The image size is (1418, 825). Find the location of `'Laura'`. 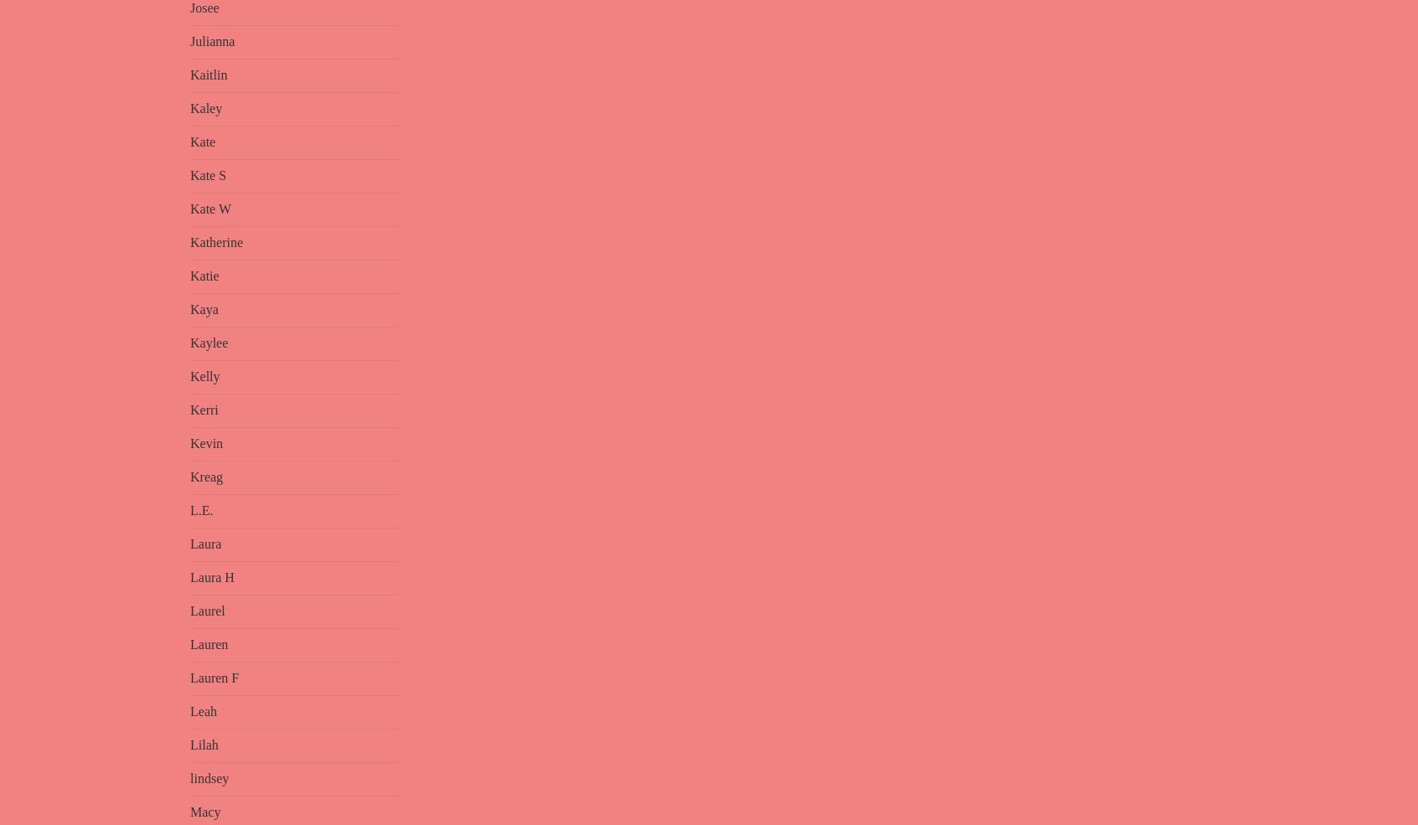

'Laura' is located at coordinates (205, 543).